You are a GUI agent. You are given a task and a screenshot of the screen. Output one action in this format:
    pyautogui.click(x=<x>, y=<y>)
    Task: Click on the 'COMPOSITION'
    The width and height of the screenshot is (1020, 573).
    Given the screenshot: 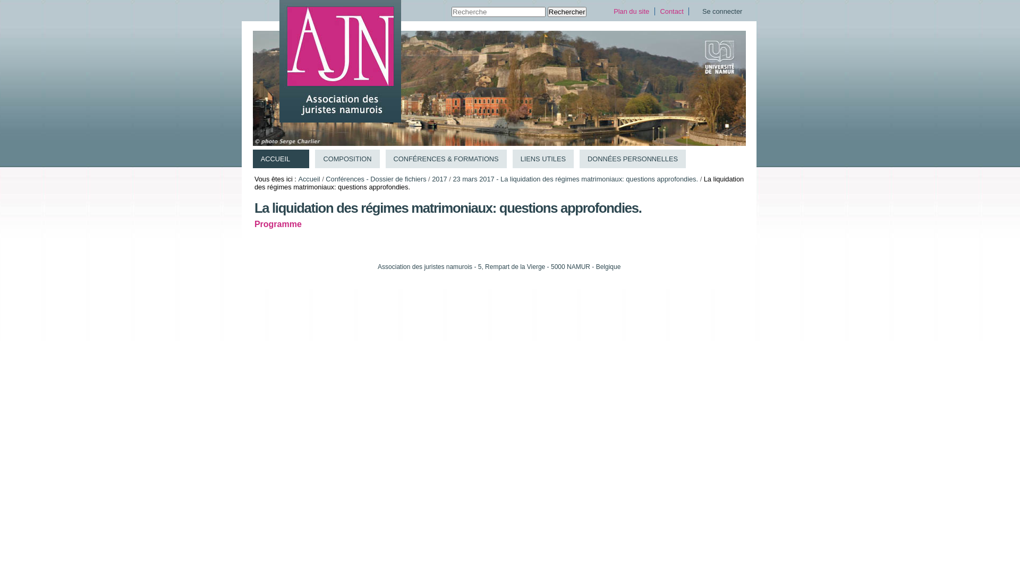 What is the action you would take?
    pyautogui.click(x=347, y=159)
    